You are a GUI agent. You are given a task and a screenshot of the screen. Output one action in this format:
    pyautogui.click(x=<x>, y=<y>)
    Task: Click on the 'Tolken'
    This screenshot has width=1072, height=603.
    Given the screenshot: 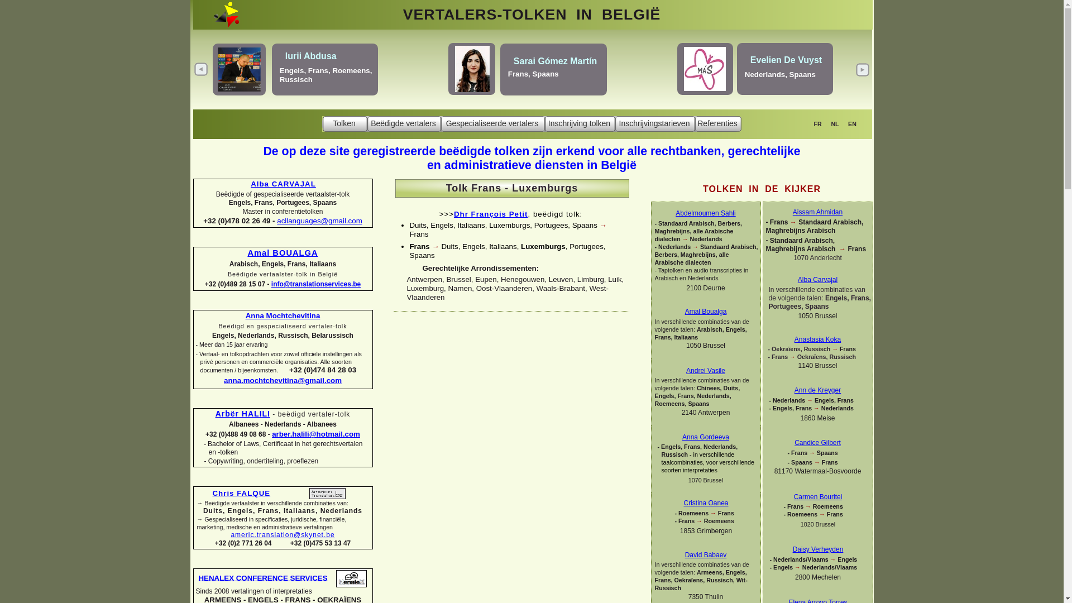 What is the action you would take?
    pyautogui.click(x=344, y=124)
    